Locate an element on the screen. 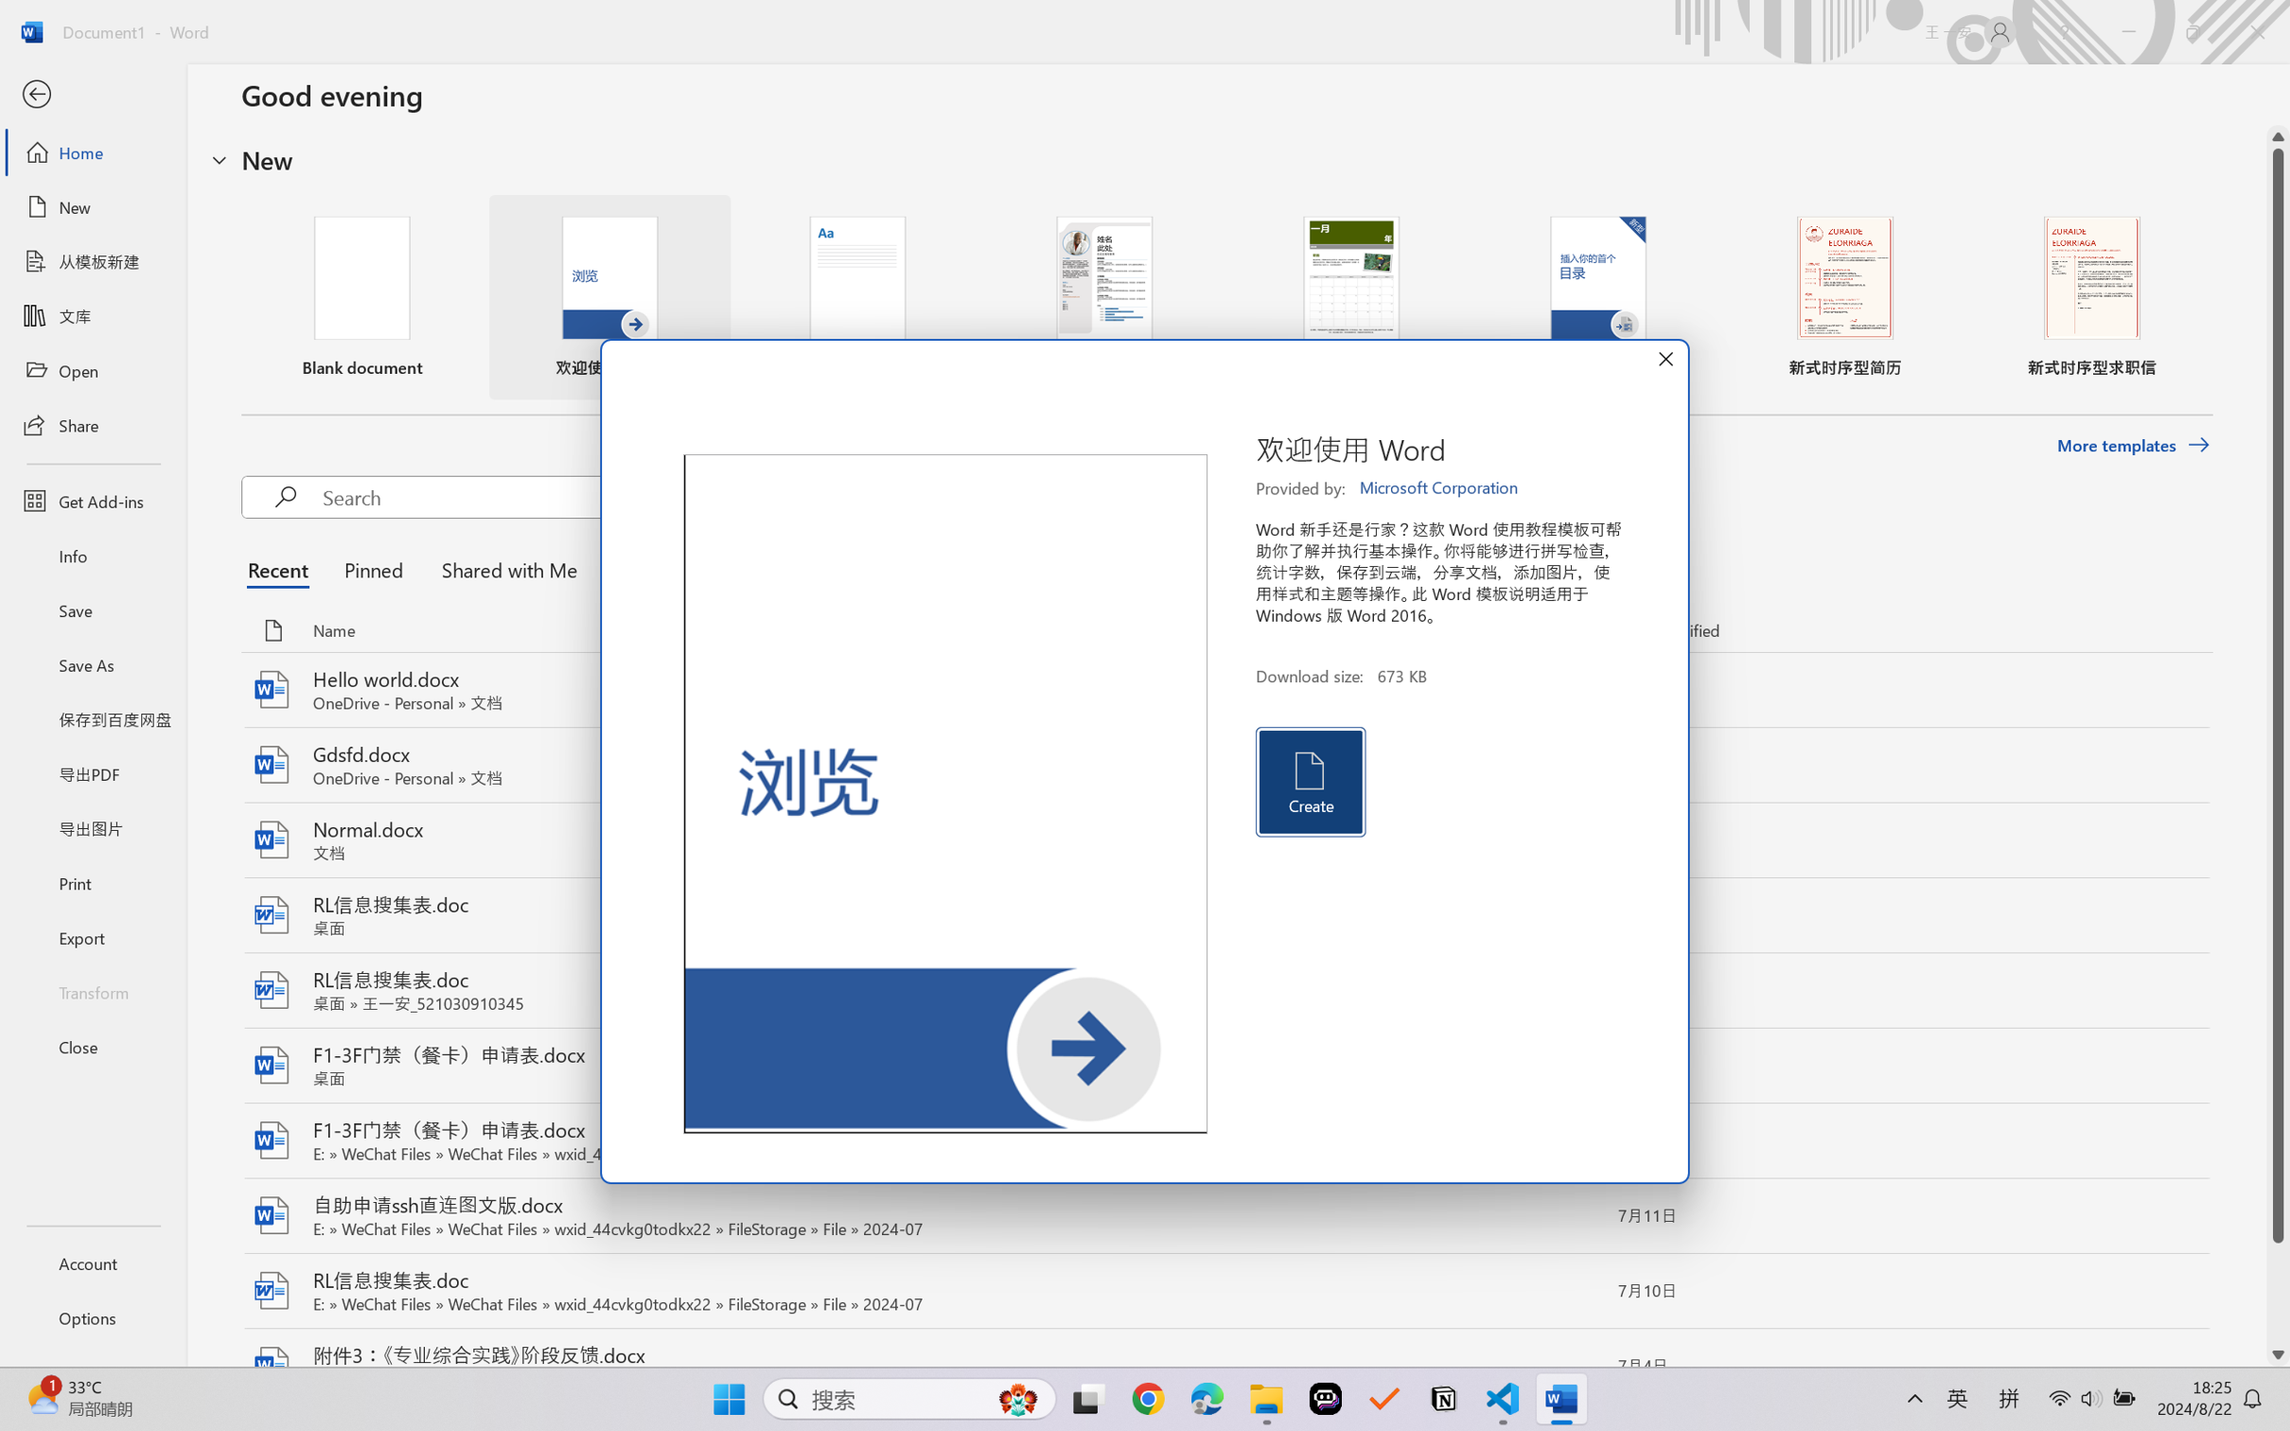 The height and width of the screenshot is (1431, 2290). 'Info' is located at coordinates (92, 555).